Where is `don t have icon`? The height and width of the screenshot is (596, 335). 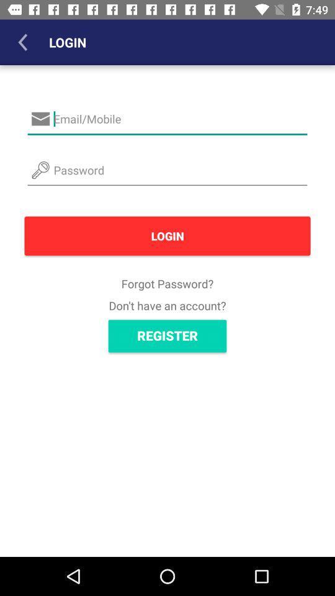
don t have icon is located at coordinates (167, 305).